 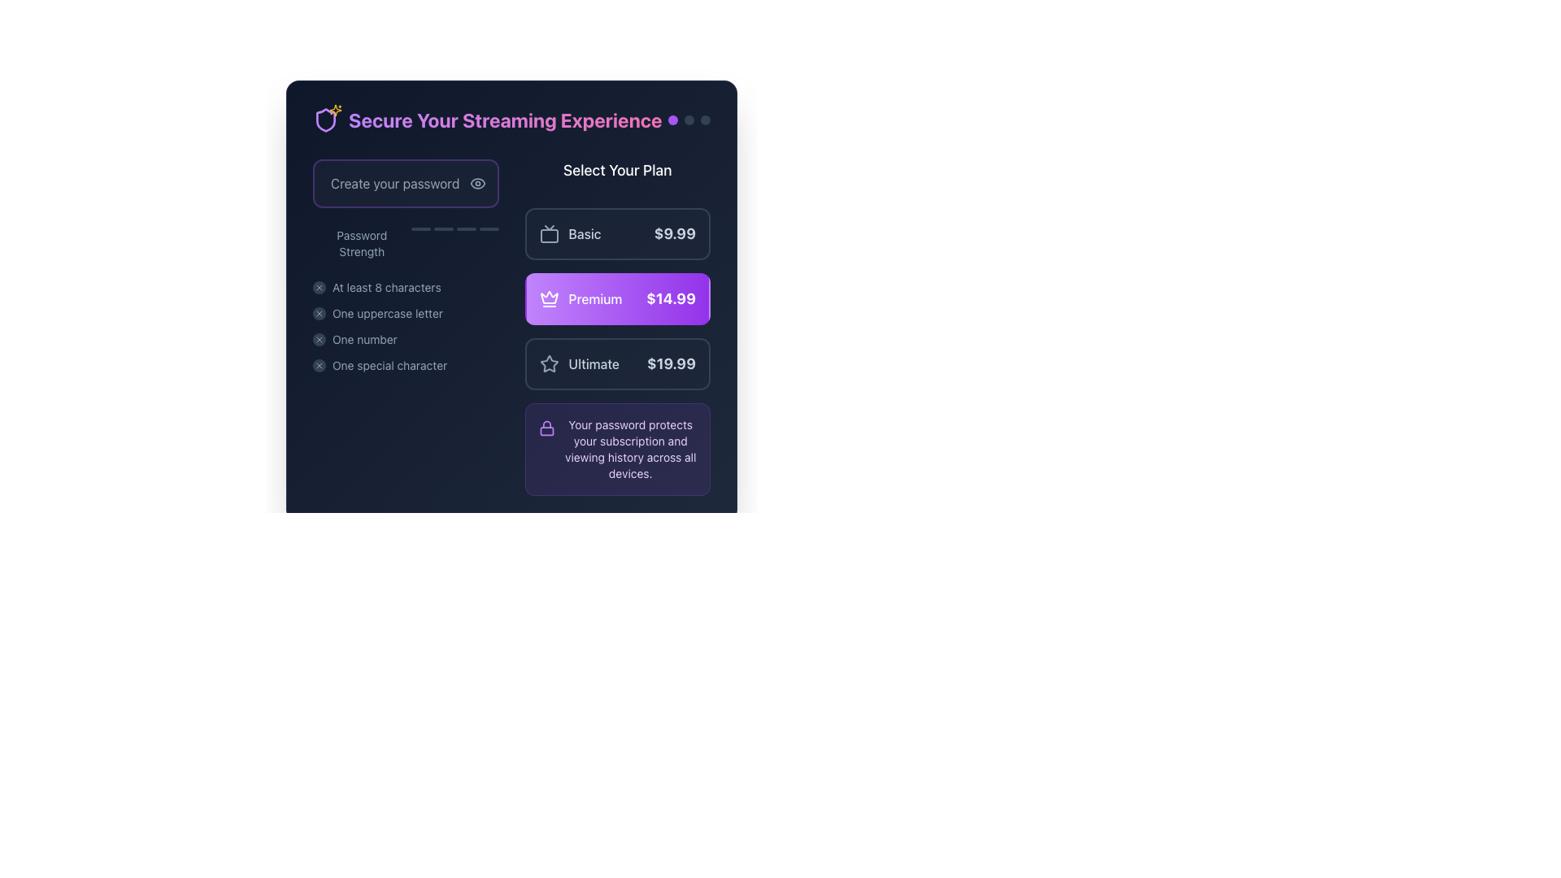 What do you see at coordinates (570, 234) in the screenshot?
I see `the label with the television icon and the text 'basic'` at bounding box center [570, 234].